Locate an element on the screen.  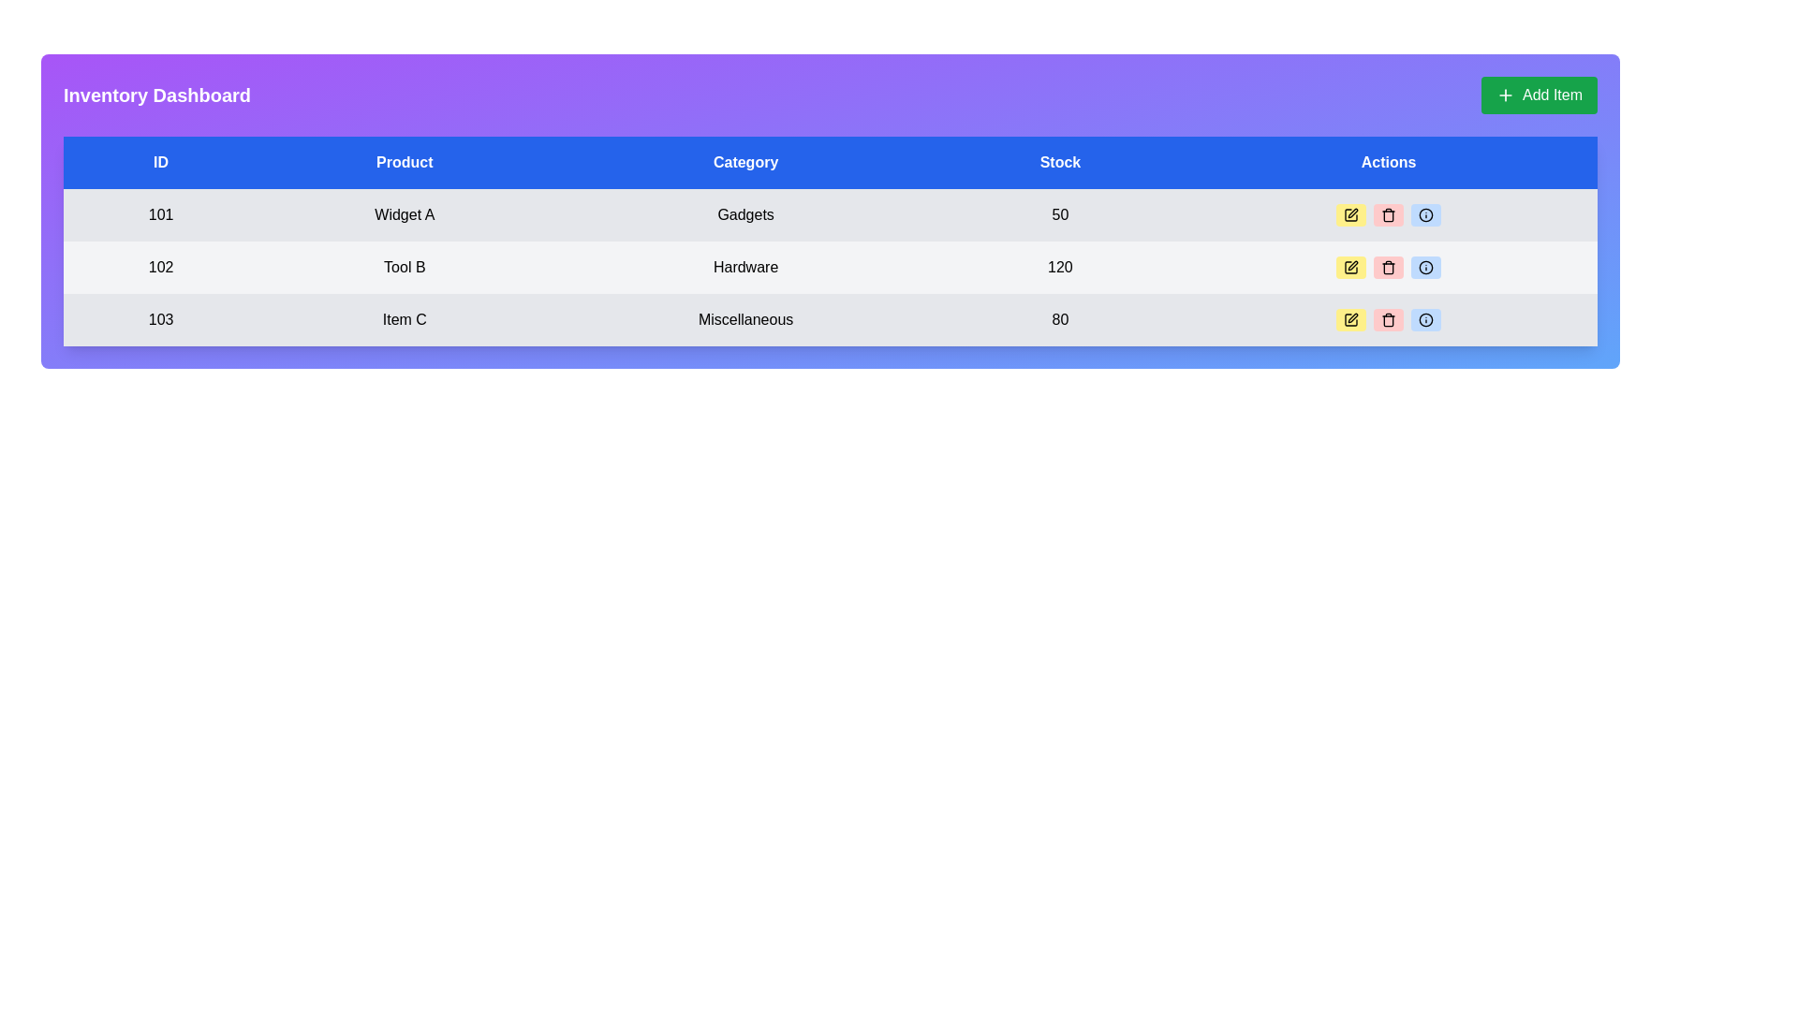
the static text display showing the stock quantity '120' for the product 'Tool B' in the third column labeled 'Stock' of the second row within the table is located at coordinates (1060, 267).